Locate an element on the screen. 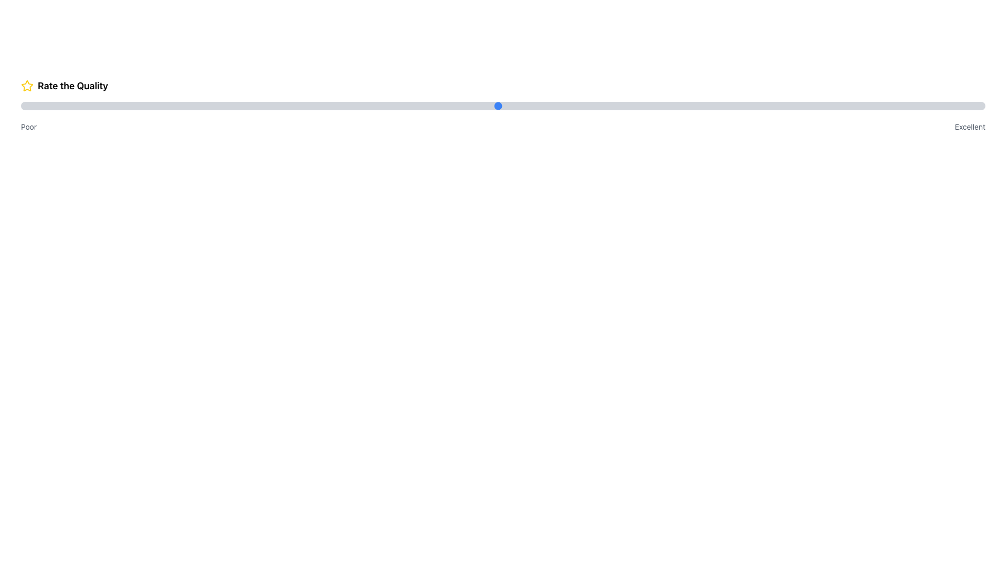 The width and height of the screenshot is (1008, 567). the star icon representing the rating mechanism located to the left of the text 'Rate the Quality' is located at coordinates (27, 86).